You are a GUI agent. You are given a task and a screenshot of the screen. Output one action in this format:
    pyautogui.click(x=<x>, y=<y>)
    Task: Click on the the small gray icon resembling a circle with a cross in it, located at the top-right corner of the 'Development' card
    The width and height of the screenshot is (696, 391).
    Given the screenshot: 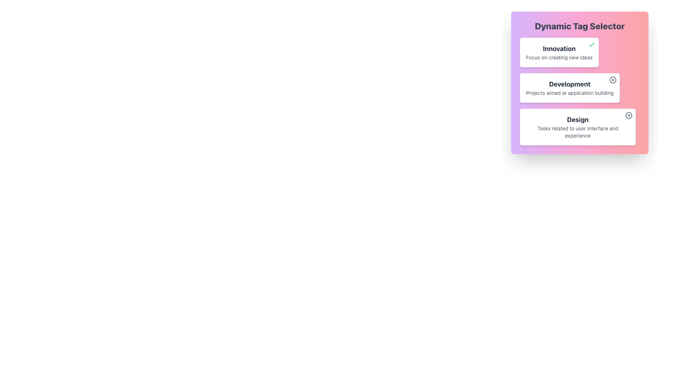 What is the action you would take?
    pyautogui.click(x=612, y=80)
    